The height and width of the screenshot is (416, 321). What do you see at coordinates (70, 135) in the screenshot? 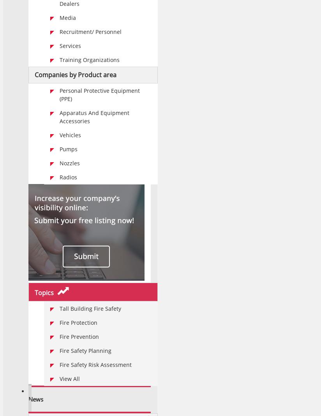
I see `'Vehicles'` at bounding box center [70, 135].